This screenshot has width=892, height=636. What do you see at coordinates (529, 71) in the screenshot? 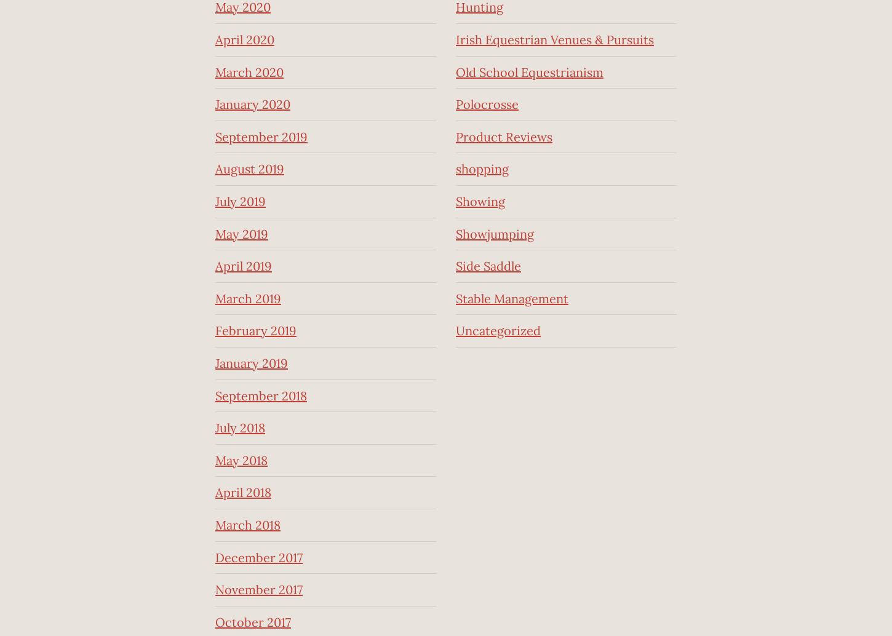
I see `'Old School Equestrianism'` at bounding box center [529, 71].